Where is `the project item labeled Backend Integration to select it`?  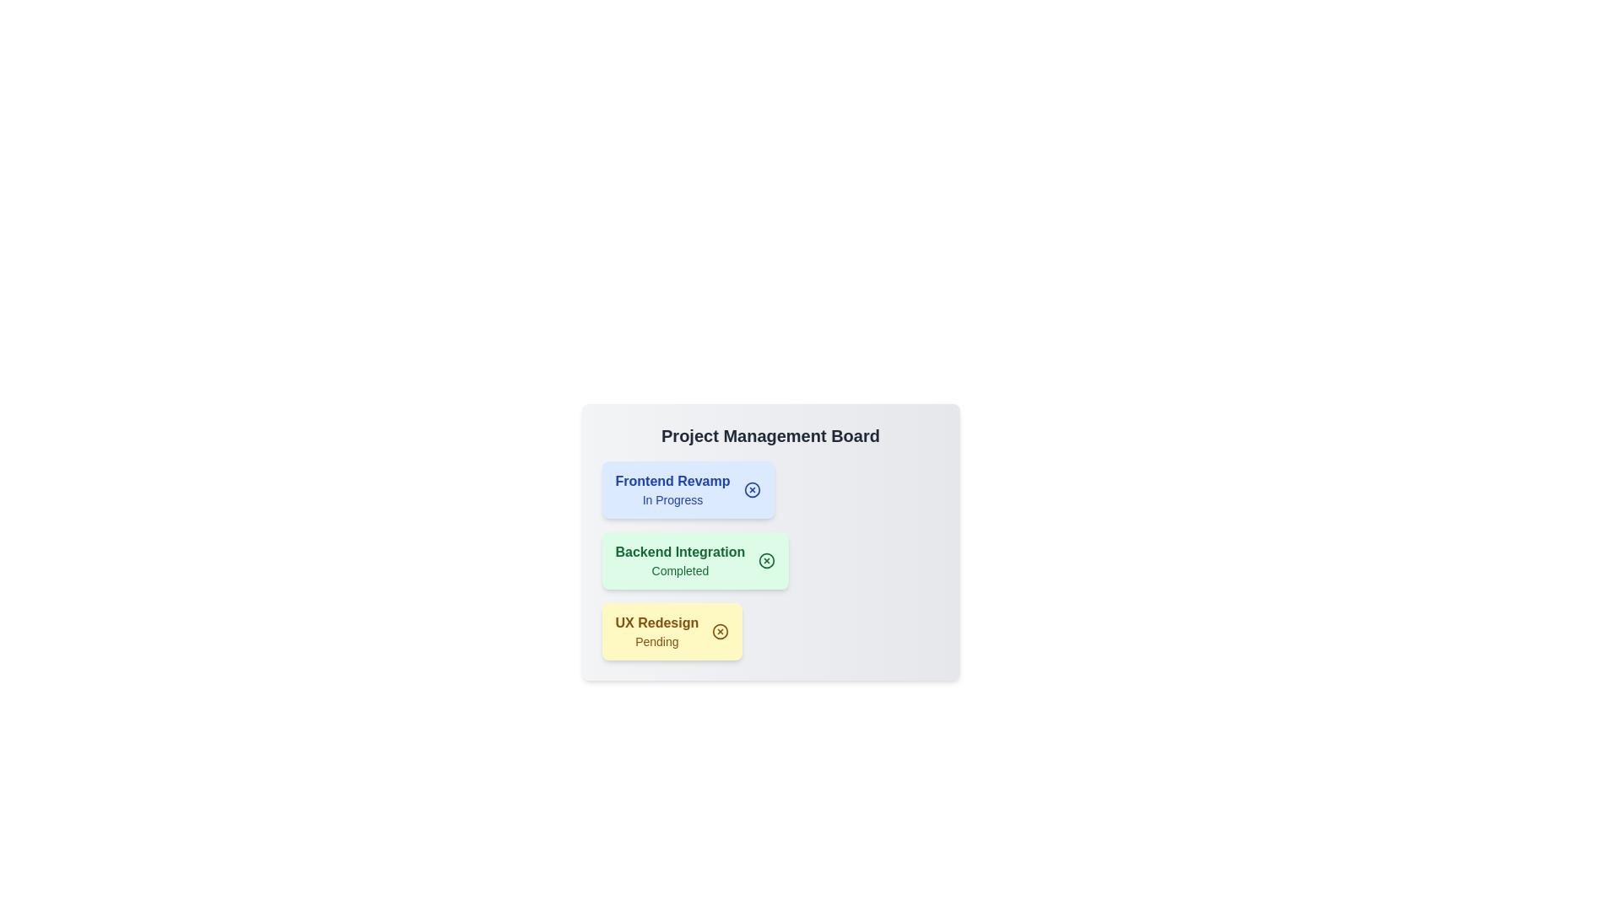 the project item labeled Backend Integration to select it is located at coordinates (680, 560).